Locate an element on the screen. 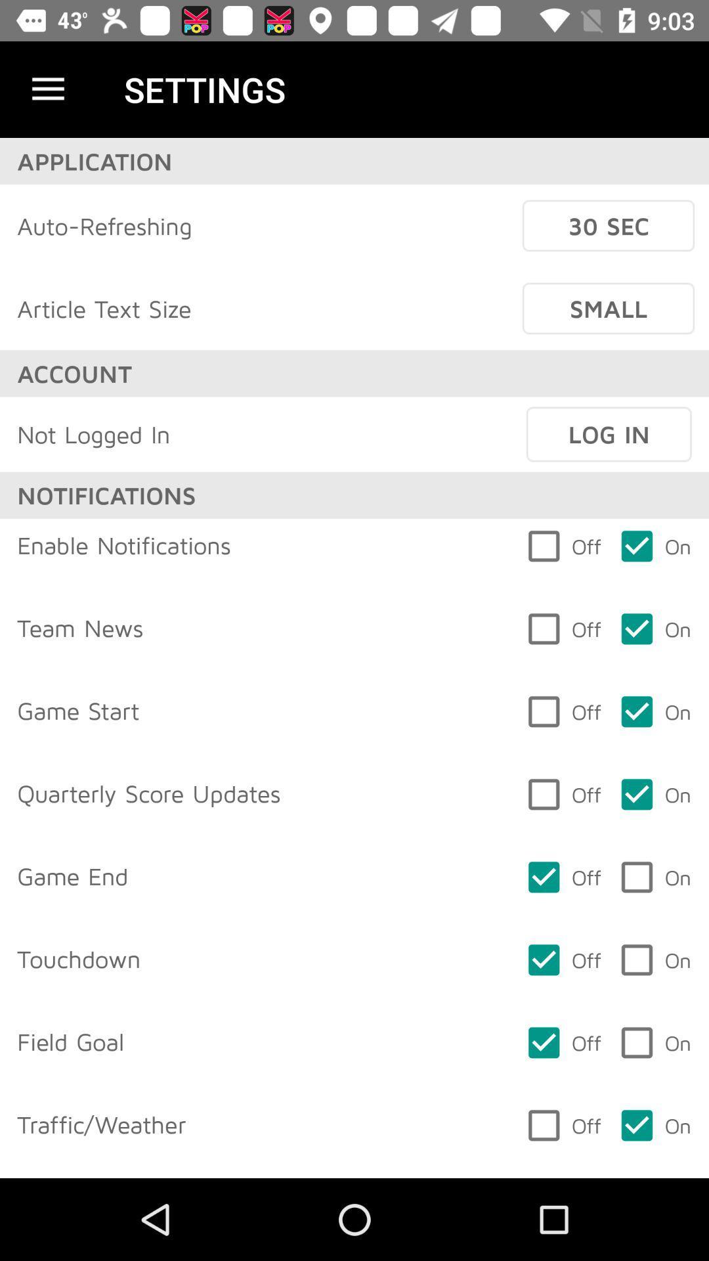 Image resolution: width=709 pixels, height=1261 pixels. the first off check box from top is located at coordinates (562, 877).